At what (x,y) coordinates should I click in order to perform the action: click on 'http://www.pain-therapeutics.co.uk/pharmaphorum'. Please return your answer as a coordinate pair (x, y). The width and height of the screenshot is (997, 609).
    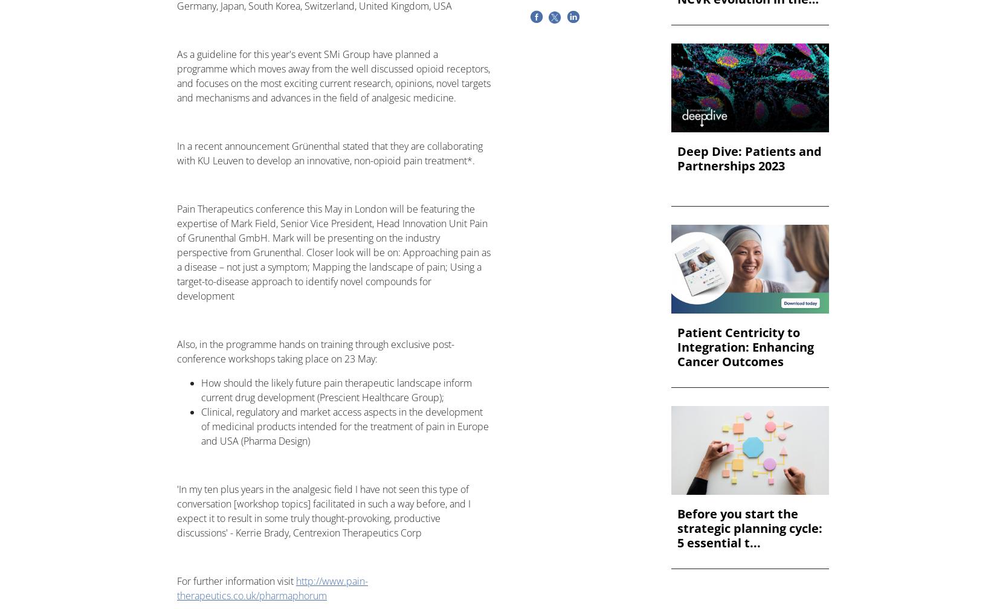
    Looking at the image, I should click on (177, 588).